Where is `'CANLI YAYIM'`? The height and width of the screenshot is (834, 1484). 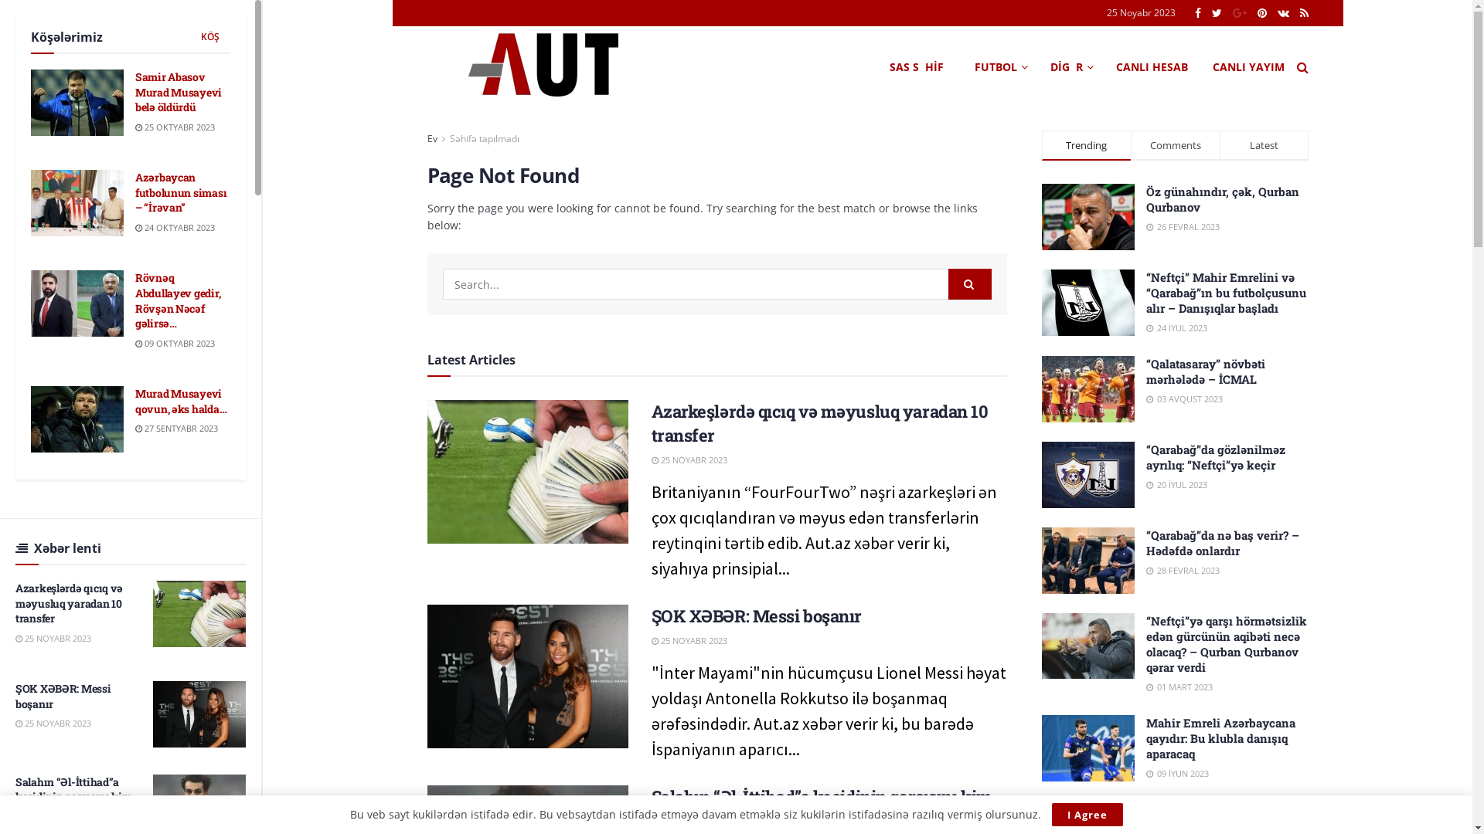
'CANLI YAYIM' is located at coordinates (1247, 66).